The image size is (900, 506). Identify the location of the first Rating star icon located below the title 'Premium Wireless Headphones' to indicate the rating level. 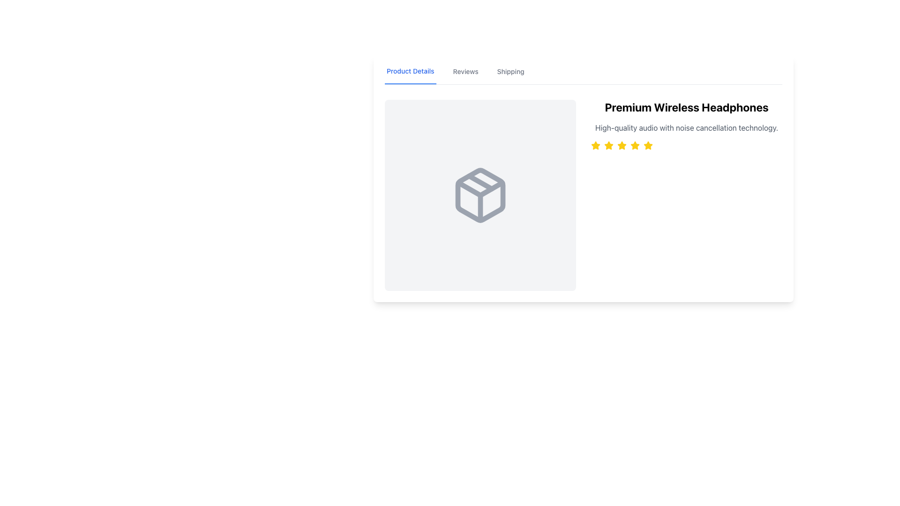
(595, 146).